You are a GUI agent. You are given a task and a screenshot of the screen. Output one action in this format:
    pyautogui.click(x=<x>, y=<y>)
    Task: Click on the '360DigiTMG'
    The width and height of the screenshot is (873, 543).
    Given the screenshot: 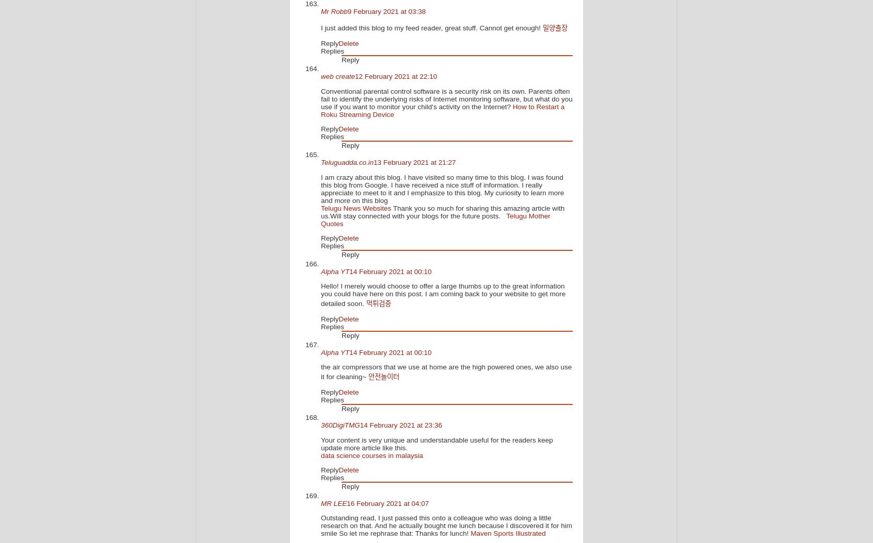 What is the action you would take?
    pyautogui.click(x=320, y=425)
    